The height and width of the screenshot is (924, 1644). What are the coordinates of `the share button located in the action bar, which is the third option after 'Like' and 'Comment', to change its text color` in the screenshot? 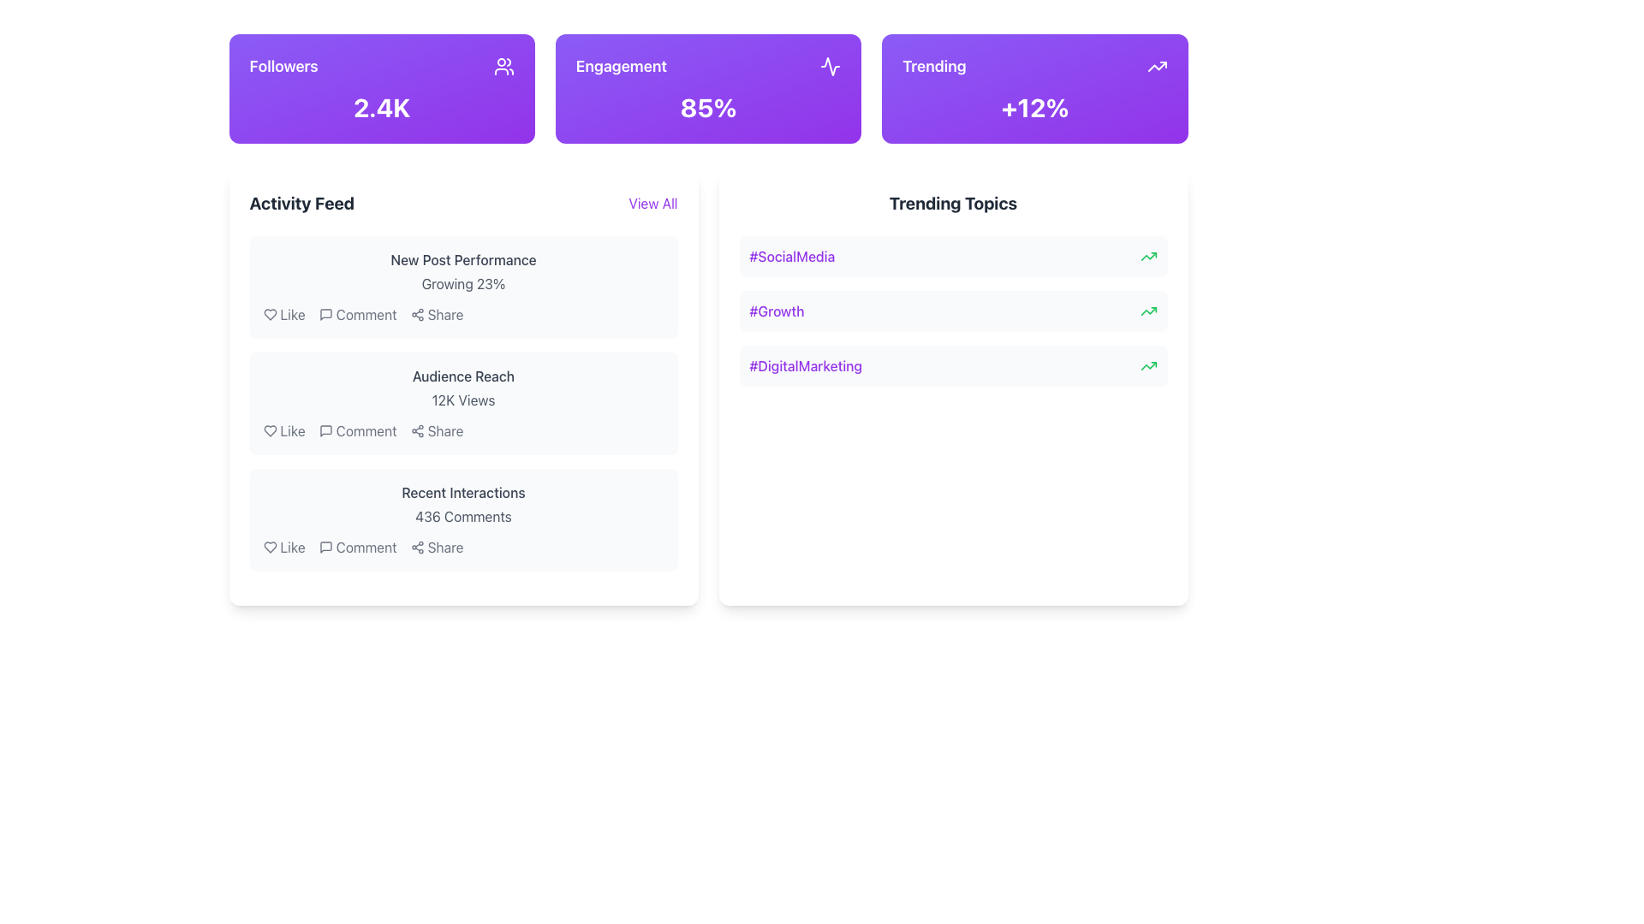 It's located at (437, 430).